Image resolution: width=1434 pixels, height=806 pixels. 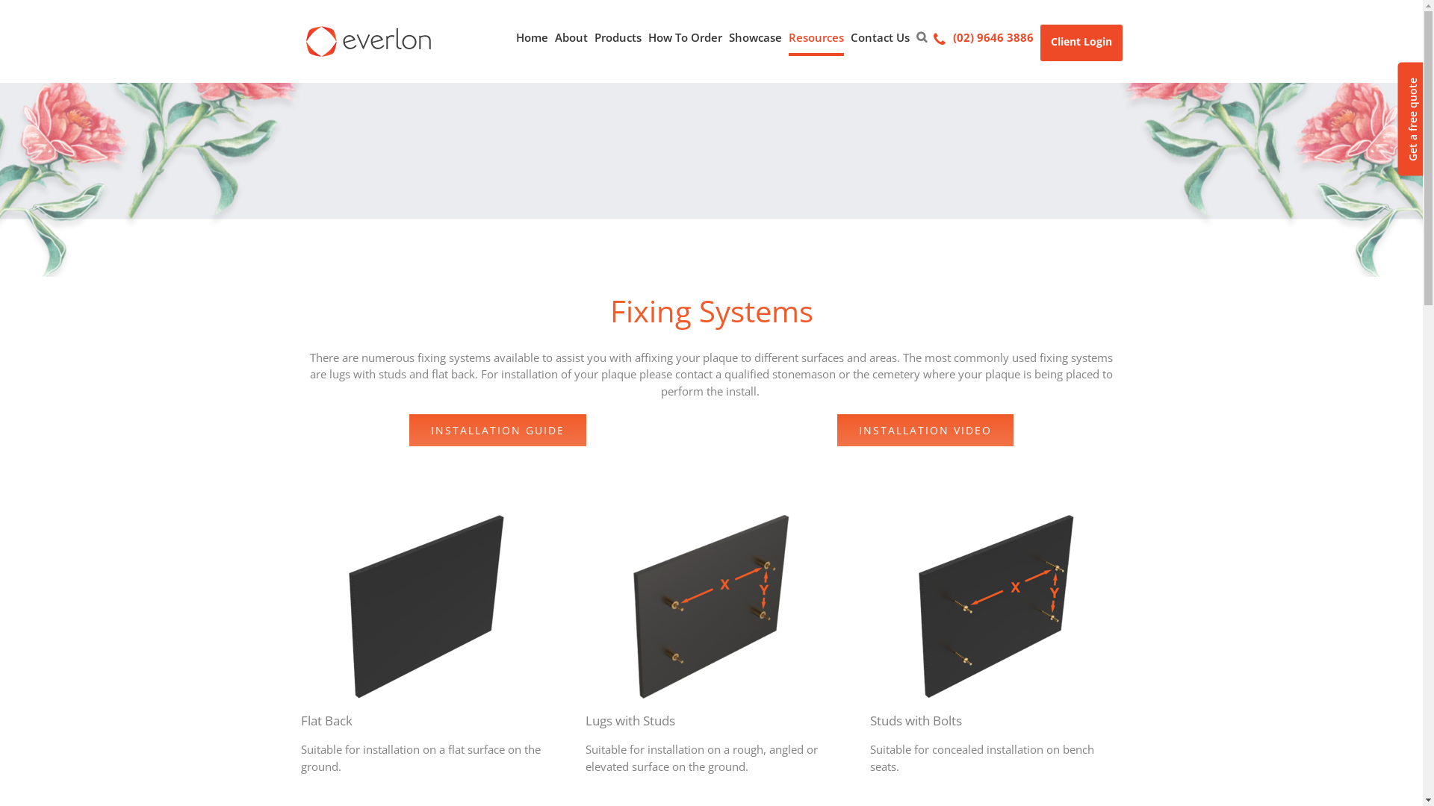 I want to click on 'Resources', so click(x=816, y=37).